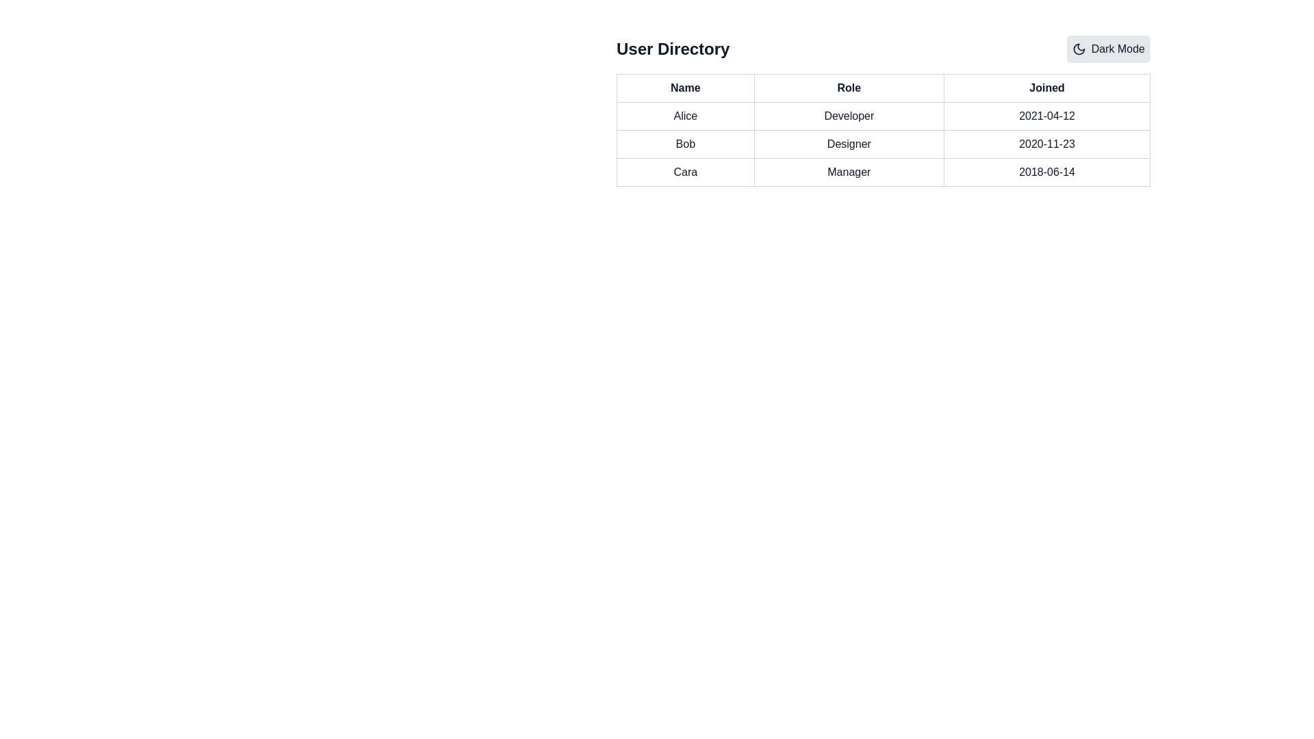  What do you see at coordinates (848, 171) in the screenshot?
I see `the table cell containing the text 'Manager'` at bounding box center [848, 171].